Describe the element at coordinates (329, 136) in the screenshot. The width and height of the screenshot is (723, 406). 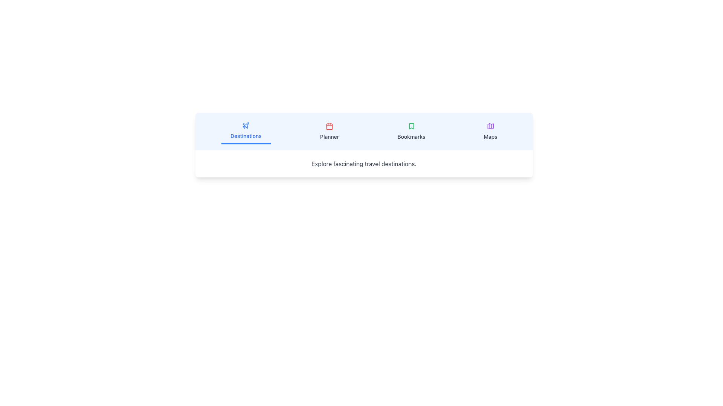
I see `informational text label 'Planner' located in the navigation bar, which is positioned below the calendar icon` at that location.